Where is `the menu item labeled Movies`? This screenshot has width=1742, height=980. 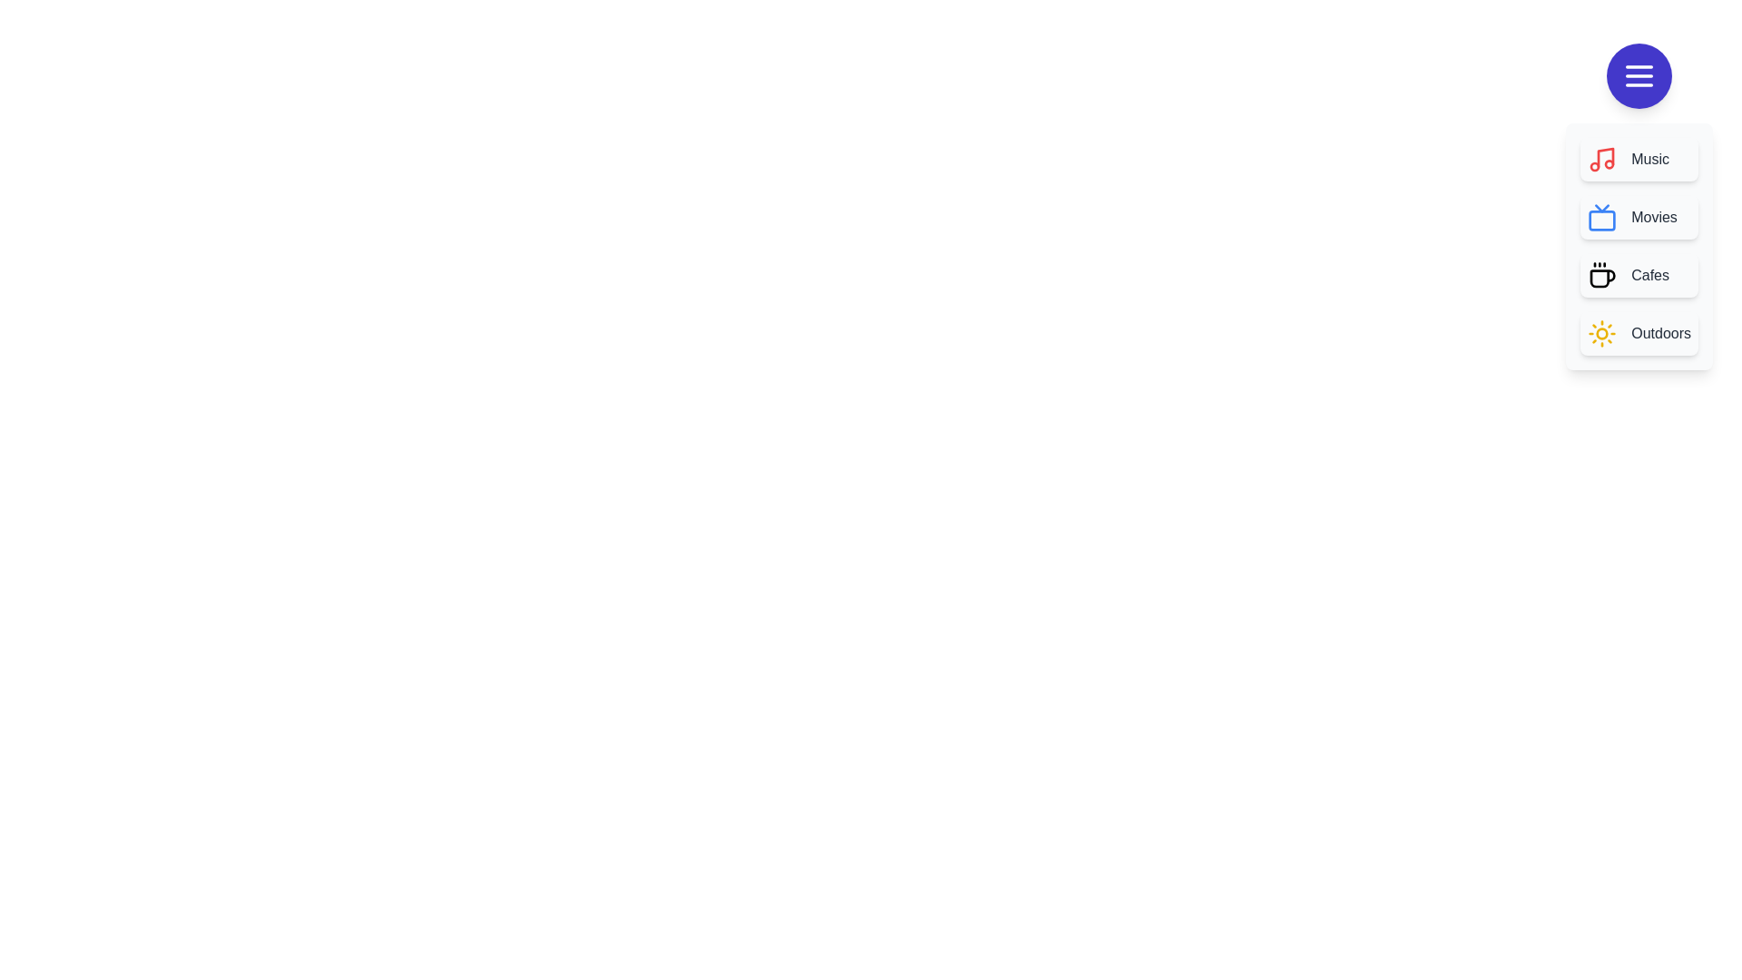 the menu item labeled Movies is located at coordinates (1639, 216).